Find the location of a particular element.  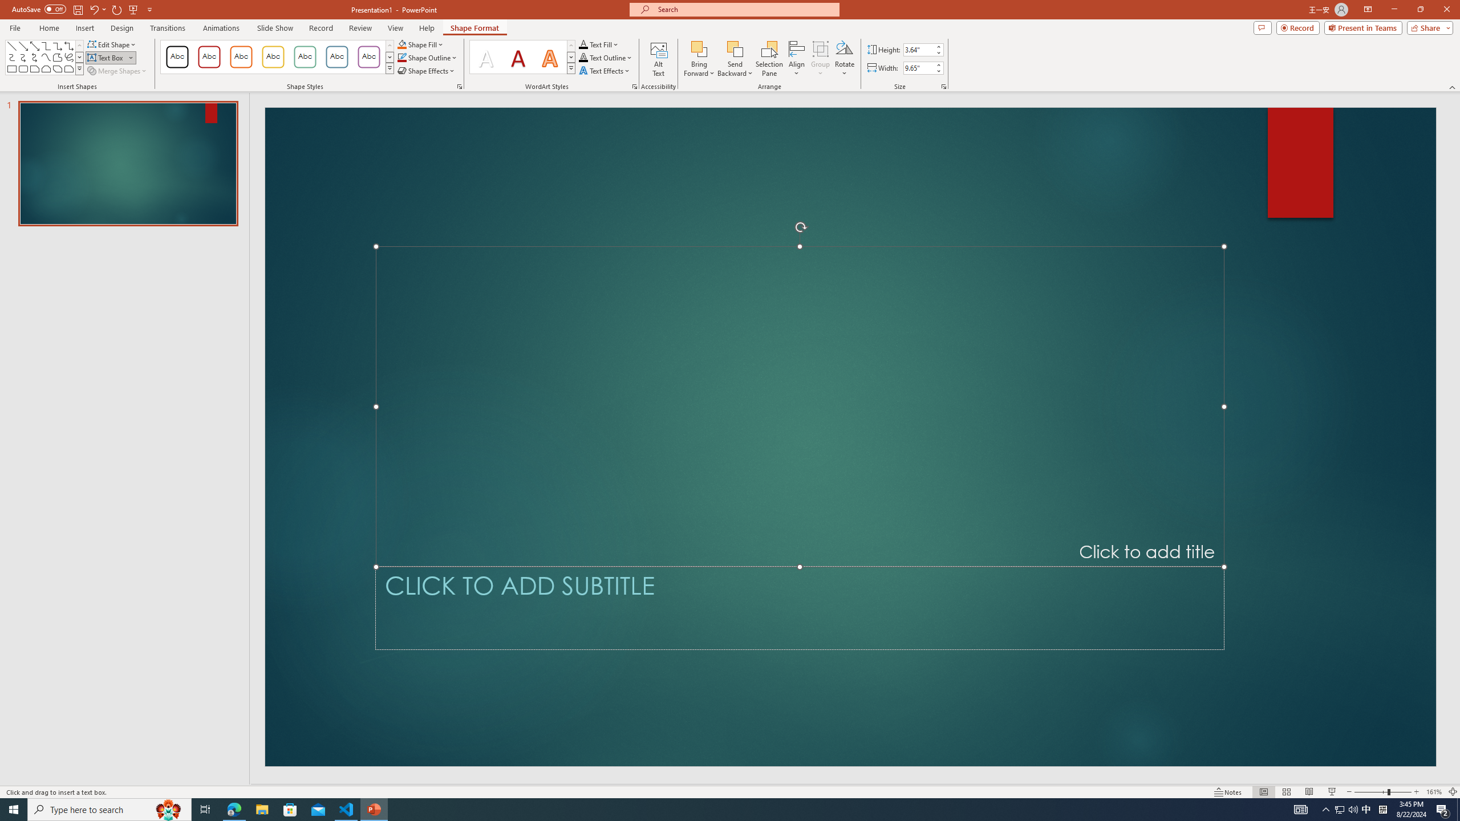

'Text Fill' is located at coordinates (598, 44).